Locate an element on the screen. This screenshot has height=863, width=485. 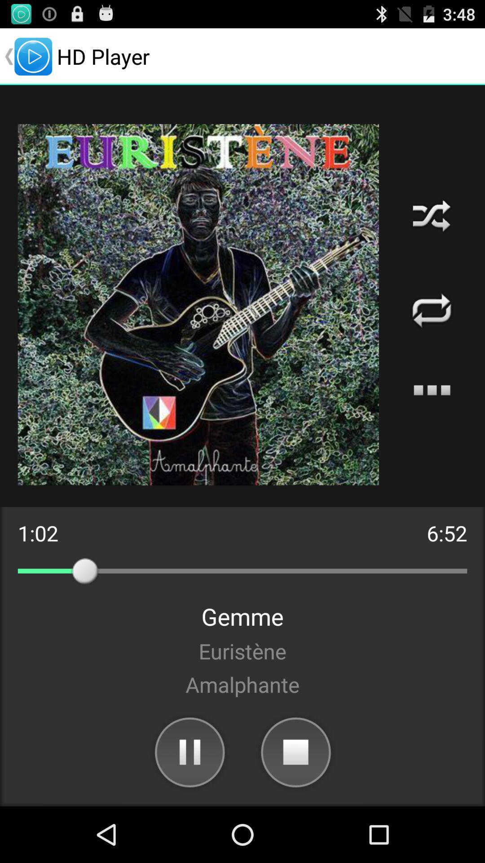
the repeat icon is located at coordinates (431, 332).